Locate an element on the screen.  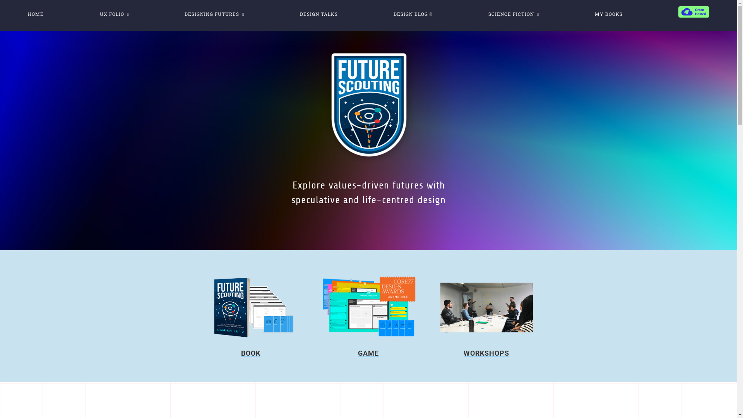
'UX FOLIO' is located at coordinates (113, 13).